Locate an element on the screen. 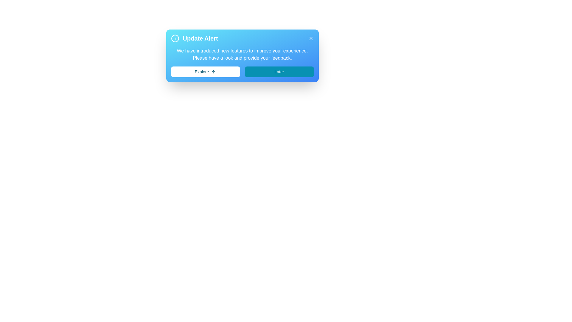 Image resolution: width=572 pixels, height=322 pixels. the 'X' button to dismiss the alert is located at coordinates (310, 38).